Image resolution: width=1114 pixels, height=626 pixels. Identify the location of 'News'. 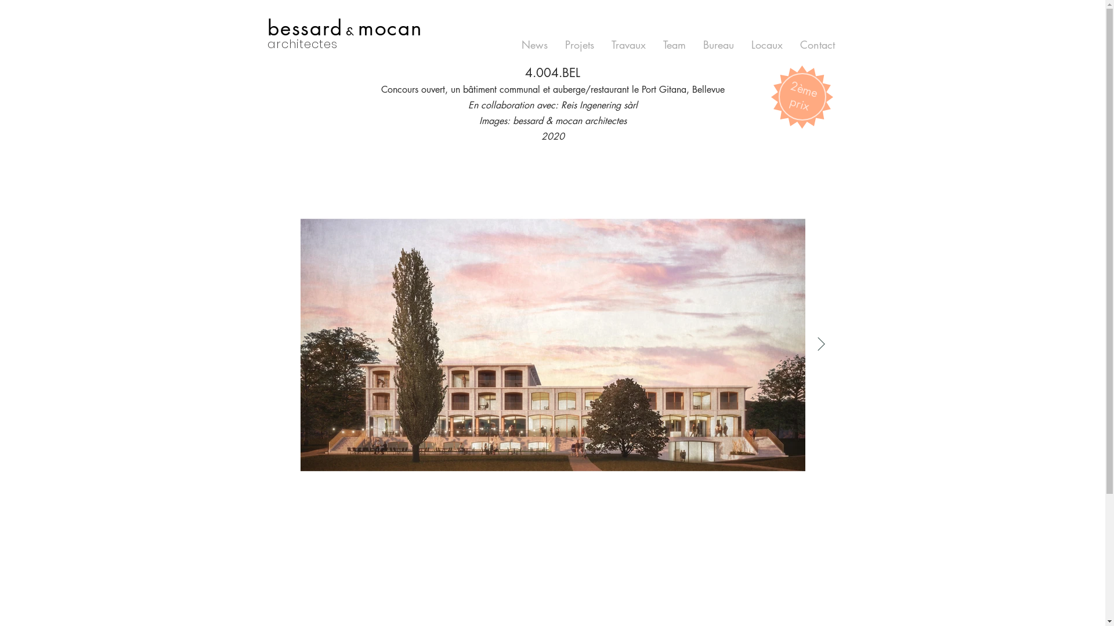
(512, 44).